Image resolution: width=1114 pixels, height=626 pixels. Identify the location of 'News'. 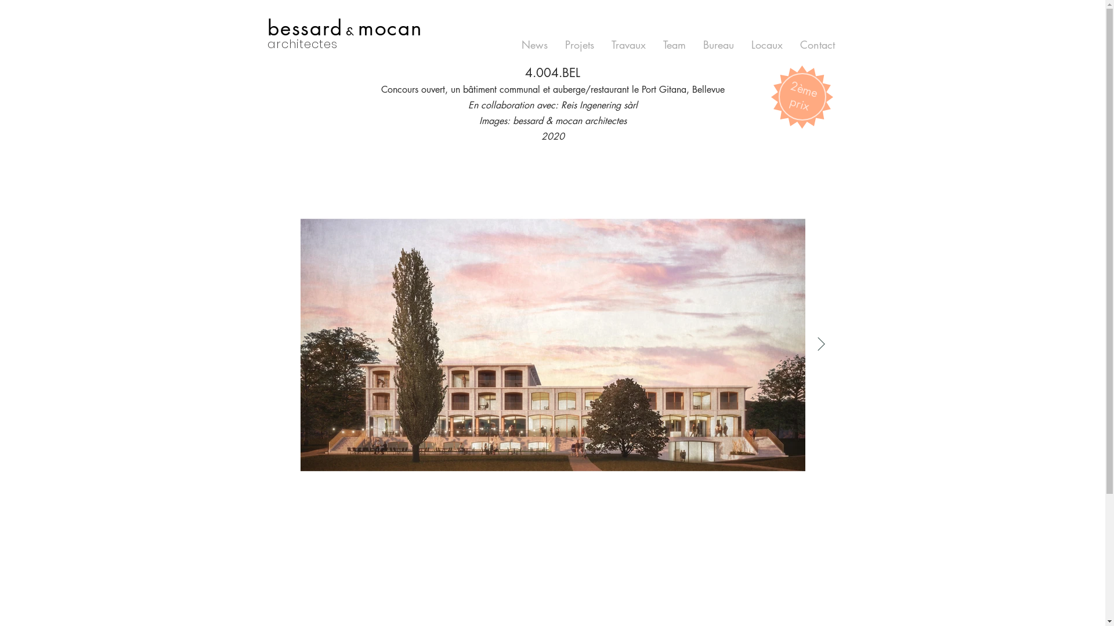
(512, 44).